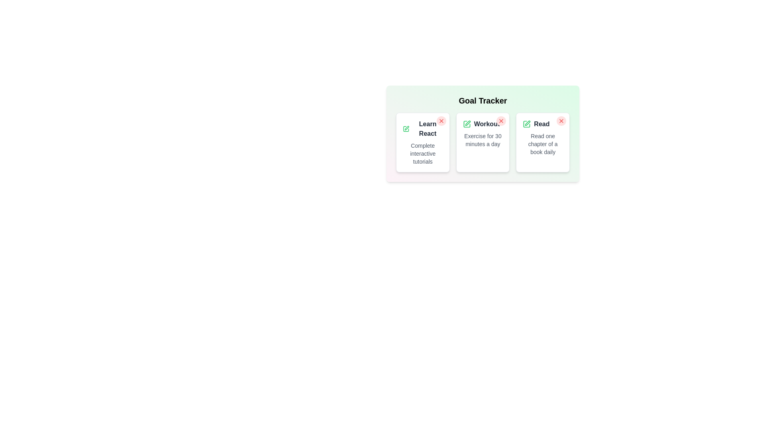 The width and height of the screenshot is (765, 430). Describe the element at coordinates (561, 121) in the screenshot. I see `the remove button for the goal titled 'Read'` at that location.